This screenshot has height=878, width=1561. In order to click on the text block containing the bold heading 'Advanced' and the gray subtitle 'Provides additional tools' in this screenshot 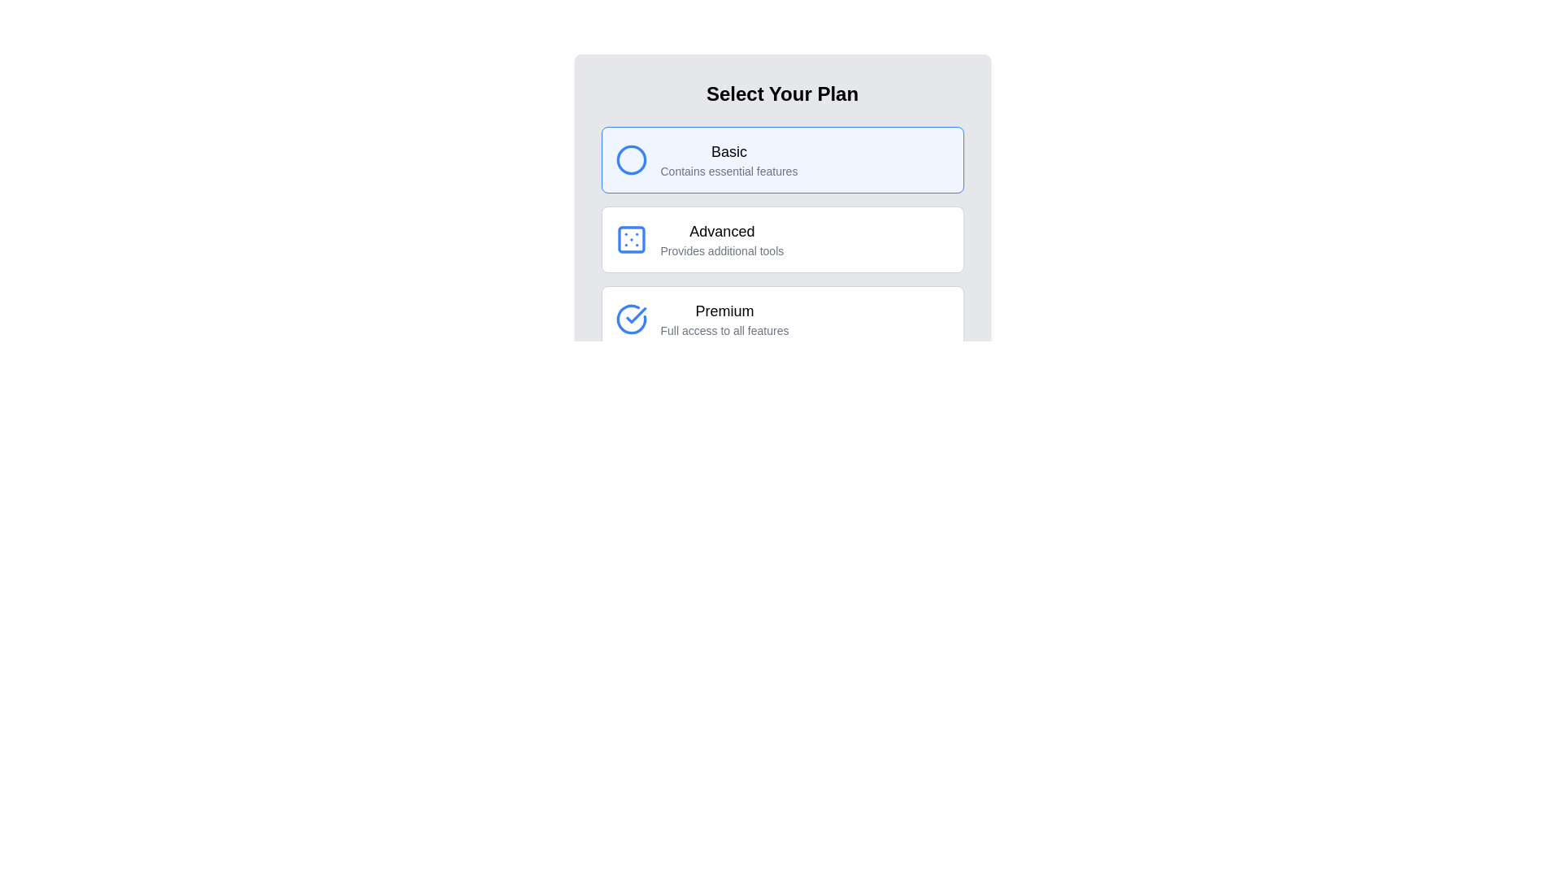, I will do `click(721, 239)`.